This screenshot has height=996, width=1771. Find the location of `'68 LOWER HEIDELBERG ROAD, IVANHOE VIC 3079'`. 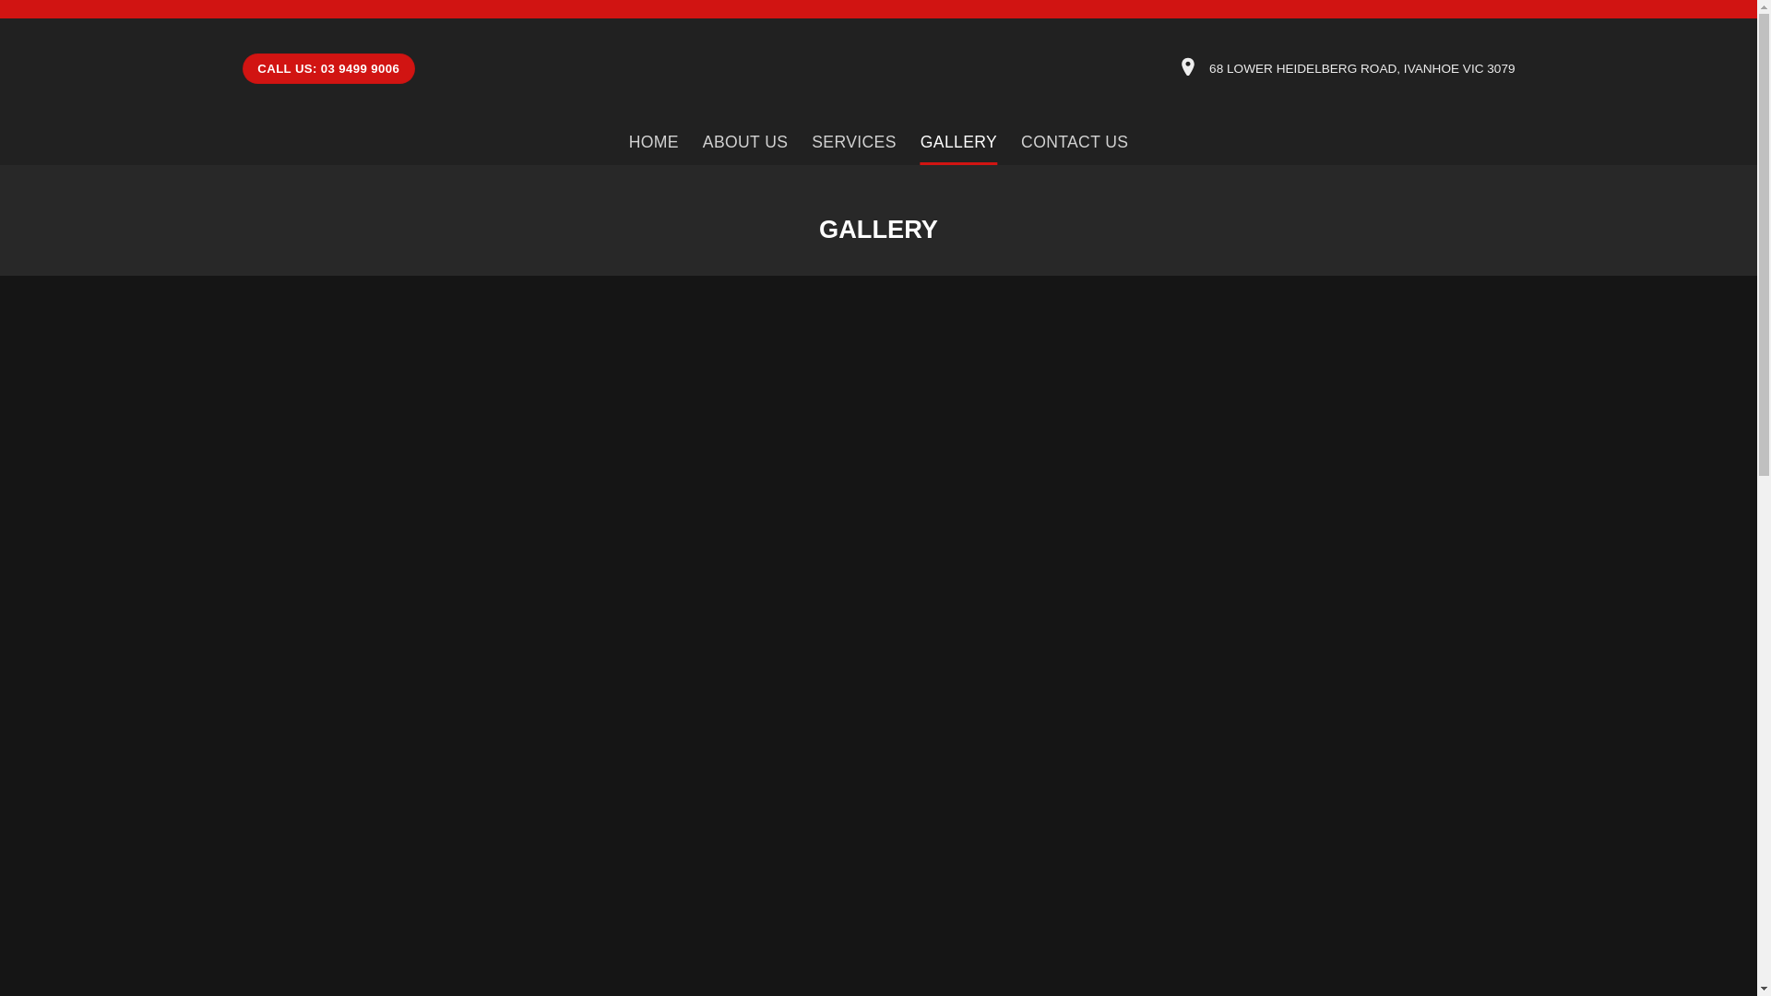

'68 LOWER HEIDELBERG ROAD, IVANHOE VIC 3079' is located at coordinates (1361, 67).